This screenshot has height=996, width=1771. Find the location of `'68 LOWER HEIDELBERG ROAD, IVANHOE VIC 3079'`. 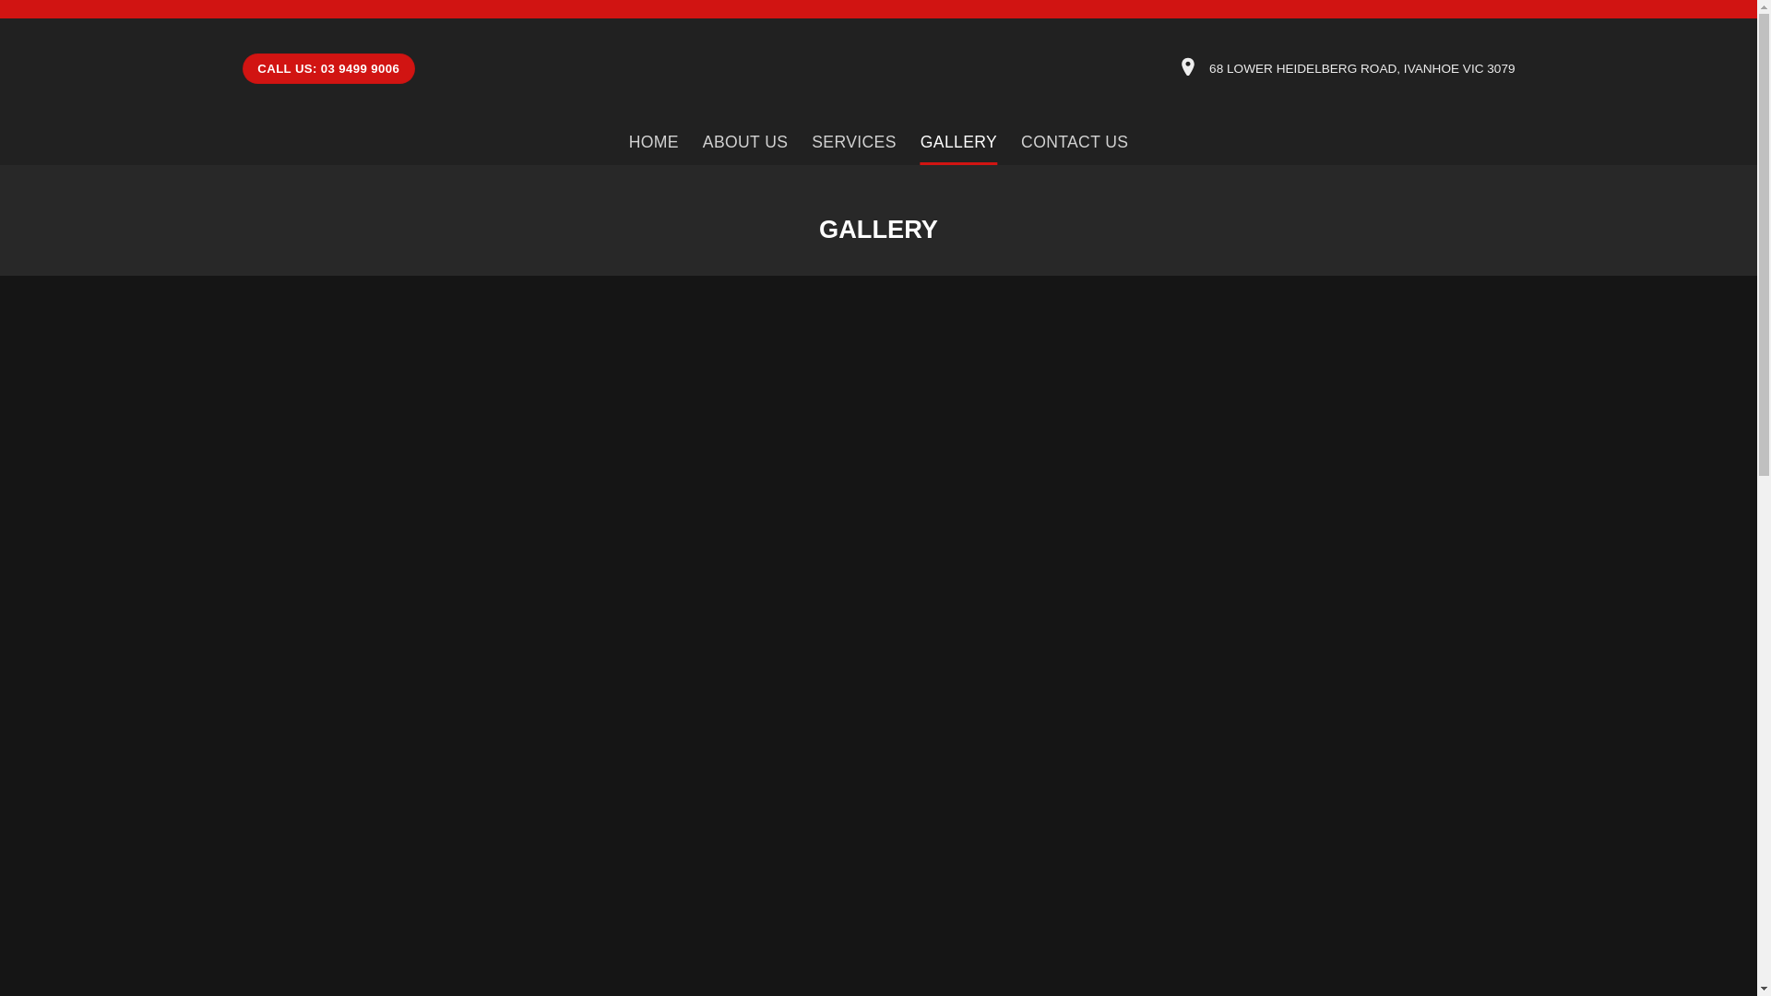

'68 LOWER HEIDELBERG ROAD, IVANHOE VIC 3079' is located at coordinates (1361, 67).